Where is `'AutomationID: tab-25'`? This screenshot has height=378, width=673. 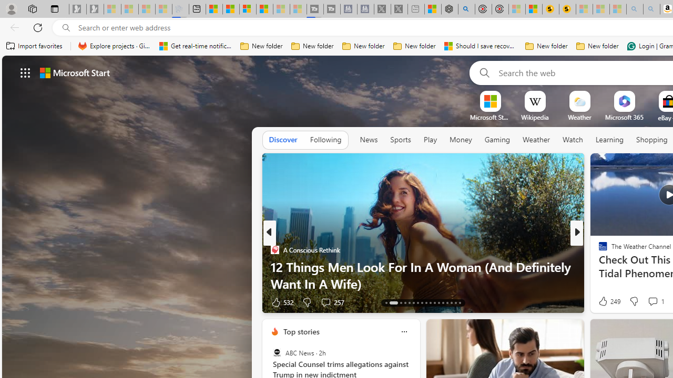
'AutomationID: tab-25' is located at coordinates (443, 303).